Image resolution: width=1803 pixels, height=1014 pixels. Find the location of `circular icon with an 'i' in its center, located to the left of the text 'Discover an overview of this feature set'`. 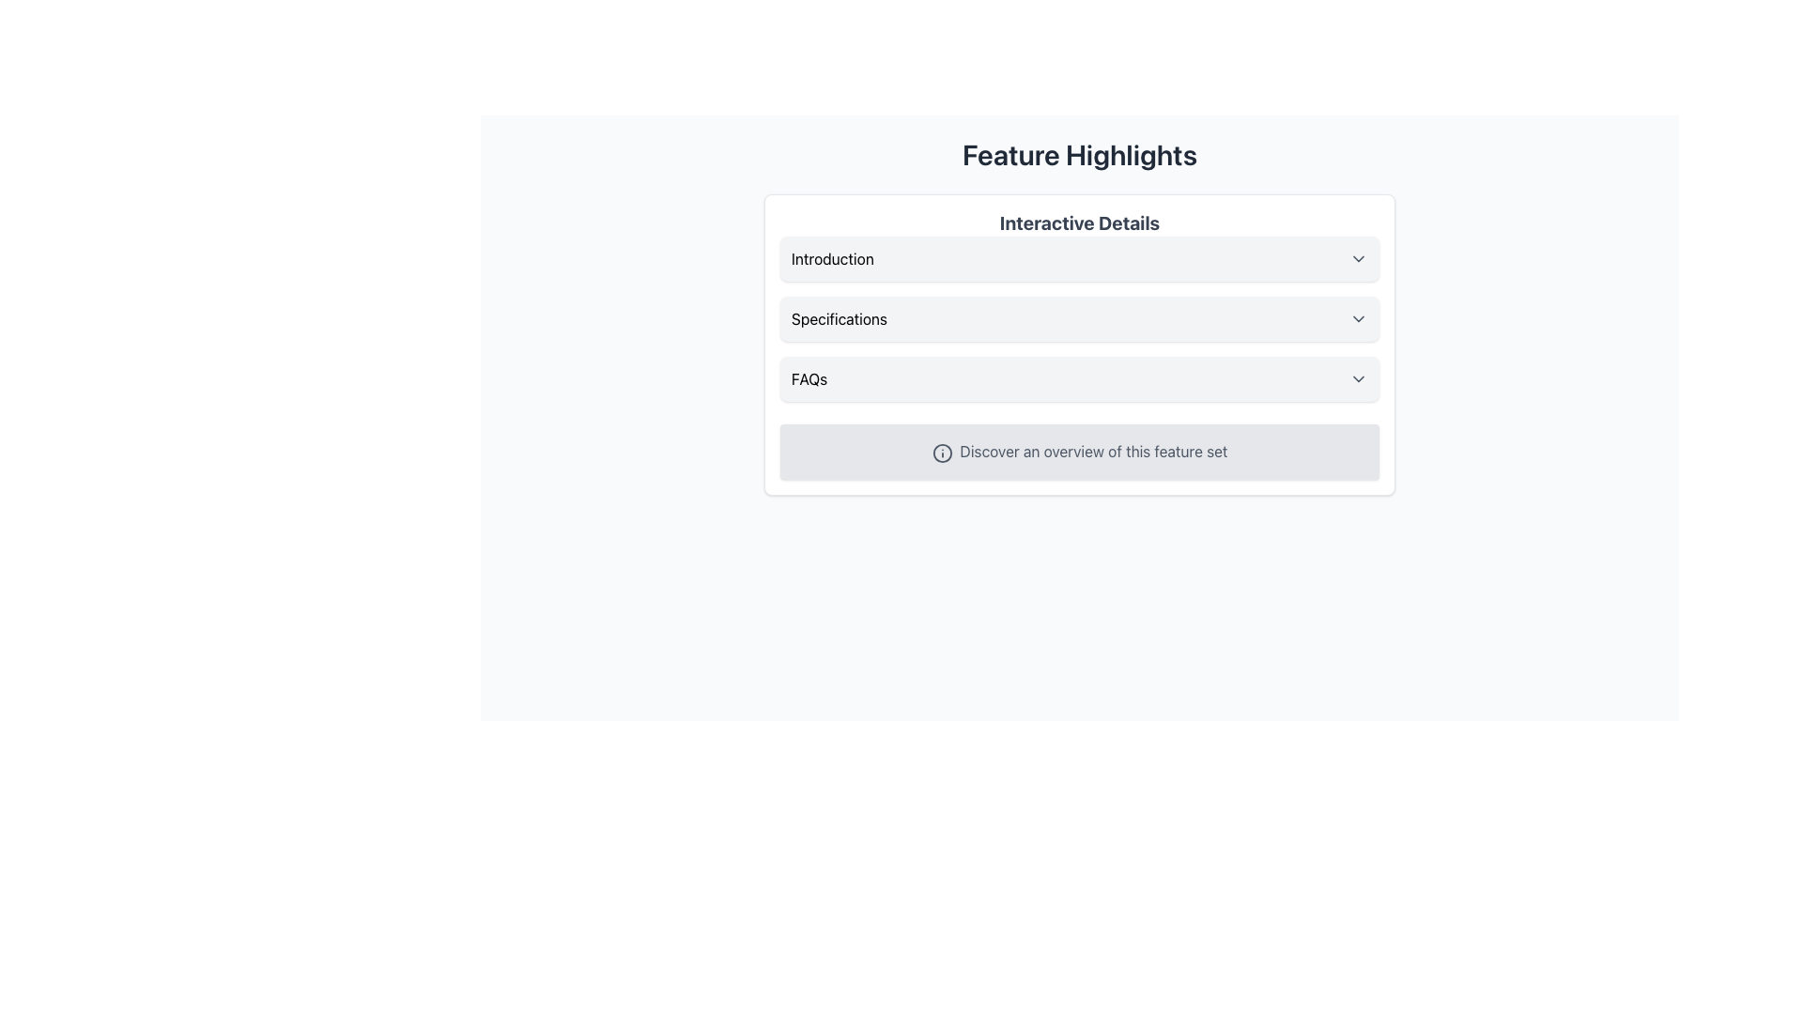

circular icon with an 'i' in its center, located to the left of the text 'Discover an overview of this feature set' is located at coordinates (942, 453).